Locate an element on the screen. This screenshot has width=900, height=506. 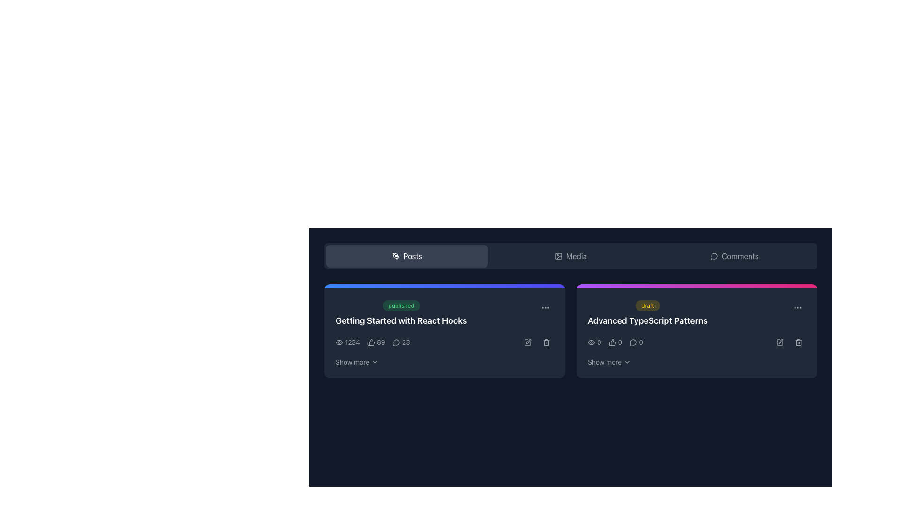
the Ellipsis button represented by three vertically aligned dots in the top-right corner of the 'Getting Started with React Hooks' card is located at coordinates (545, 307).